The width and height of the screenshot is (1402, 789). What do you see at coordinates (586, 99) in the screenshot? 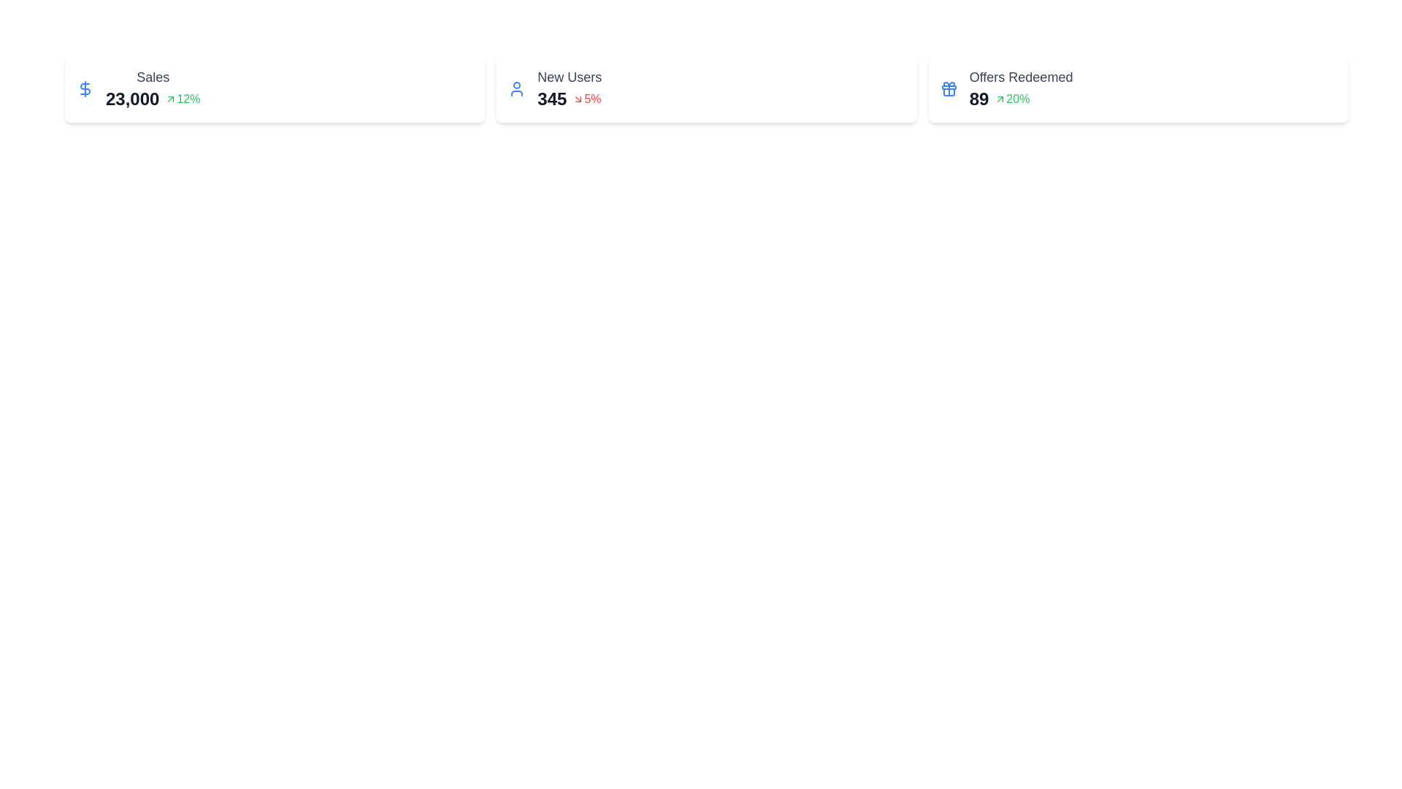
I see `the Text with Icon that indicates a downward percentage change in the 'New Users' section` at bounding box center [586, 99].